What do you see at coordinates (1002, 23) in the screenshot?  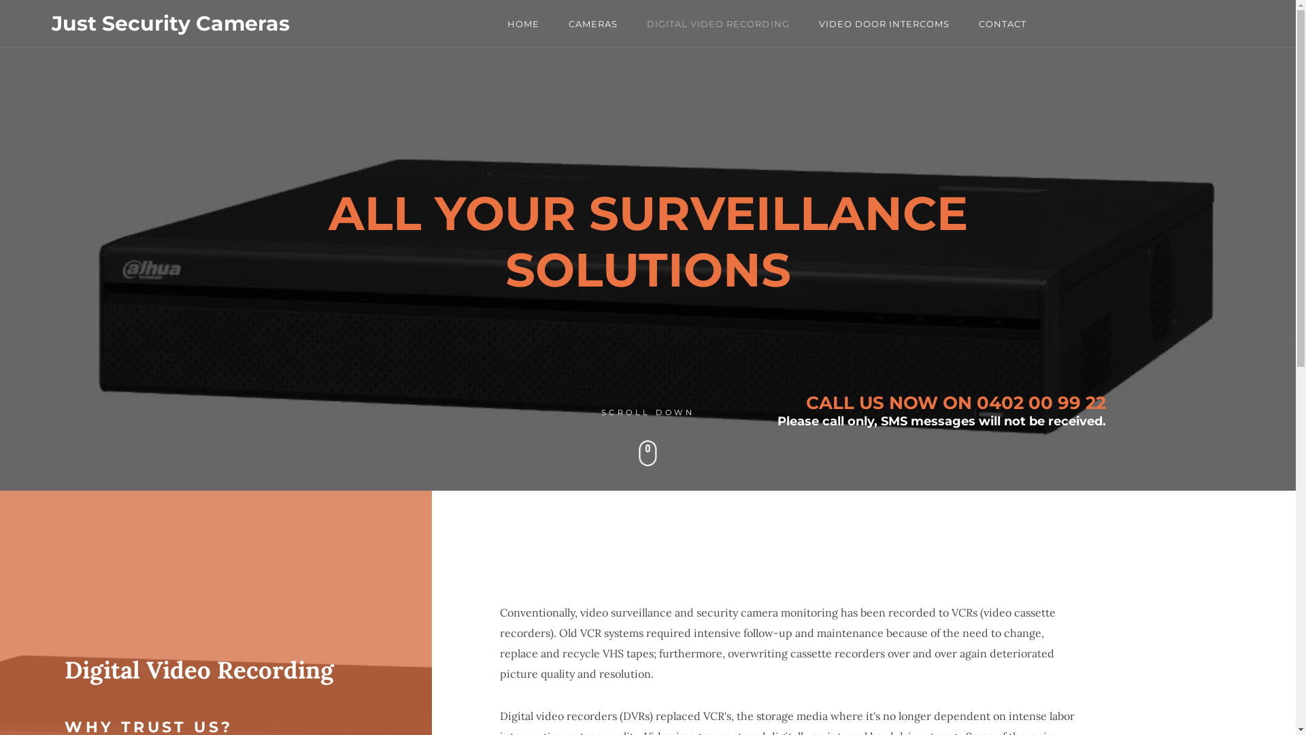 I see `'CONTACT'` at bounding box center [1002, 23].